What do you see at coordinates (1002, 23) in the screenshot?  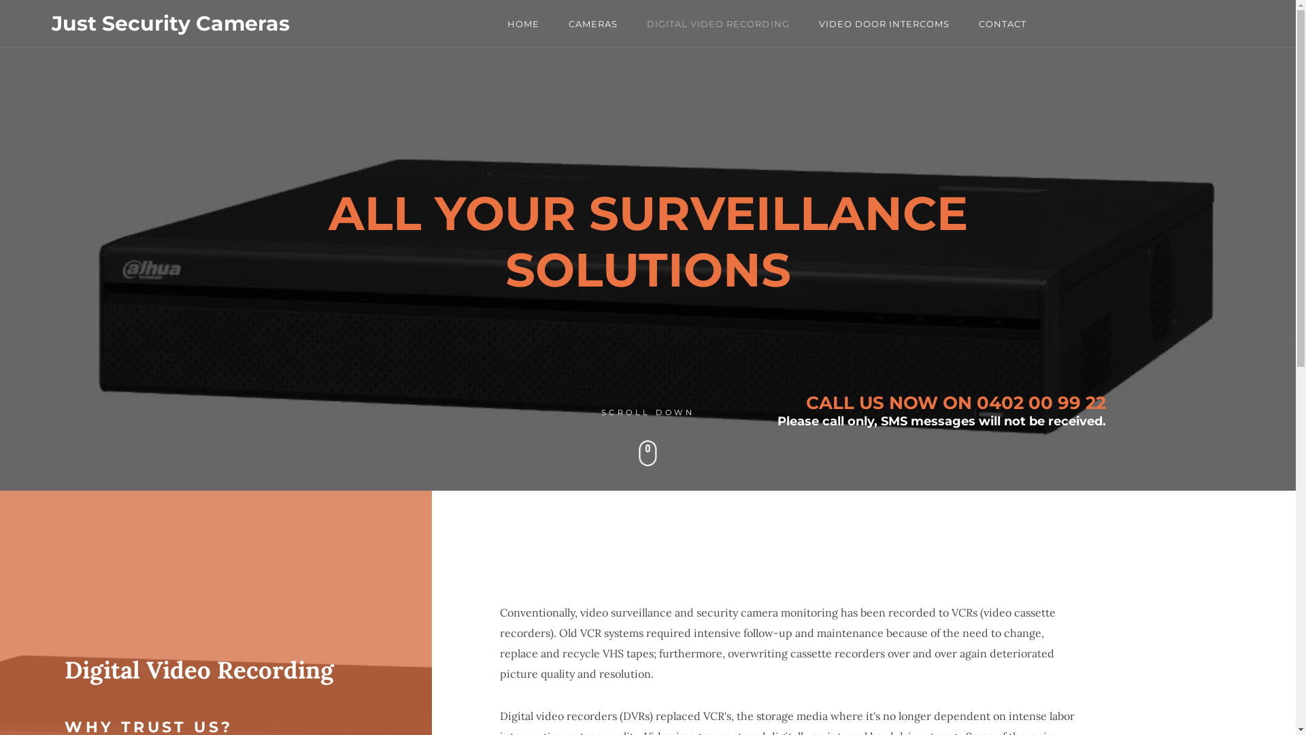 I see `'CONTACT'` at bounding box center [1002, 23].